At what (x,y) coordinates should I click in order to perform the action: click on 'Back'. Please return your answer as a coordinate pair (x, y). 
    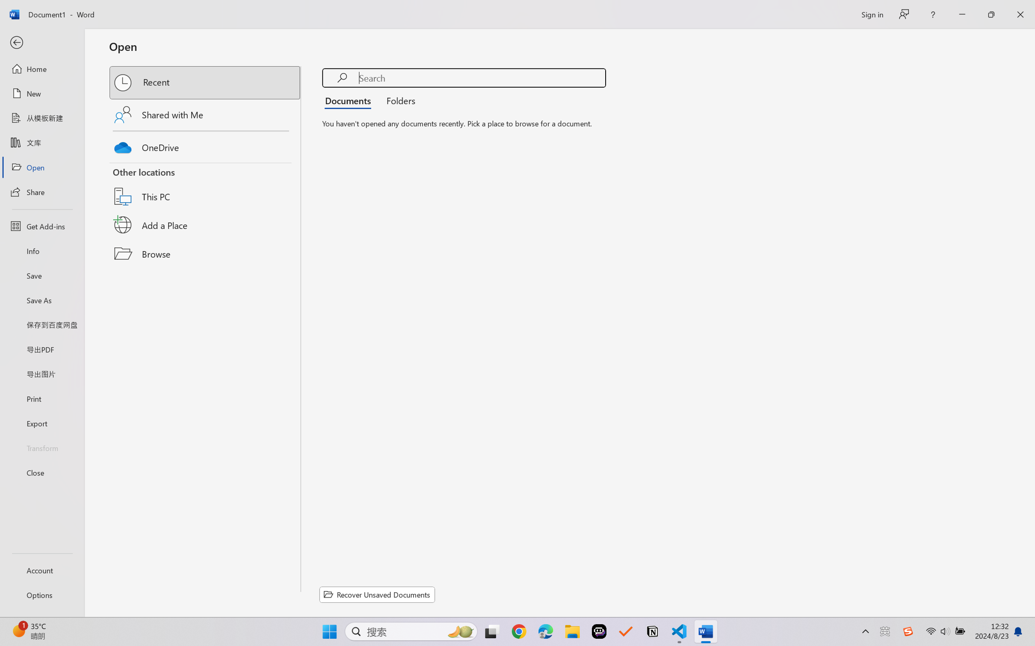
    Looking at the image, I should click on (41, 43).